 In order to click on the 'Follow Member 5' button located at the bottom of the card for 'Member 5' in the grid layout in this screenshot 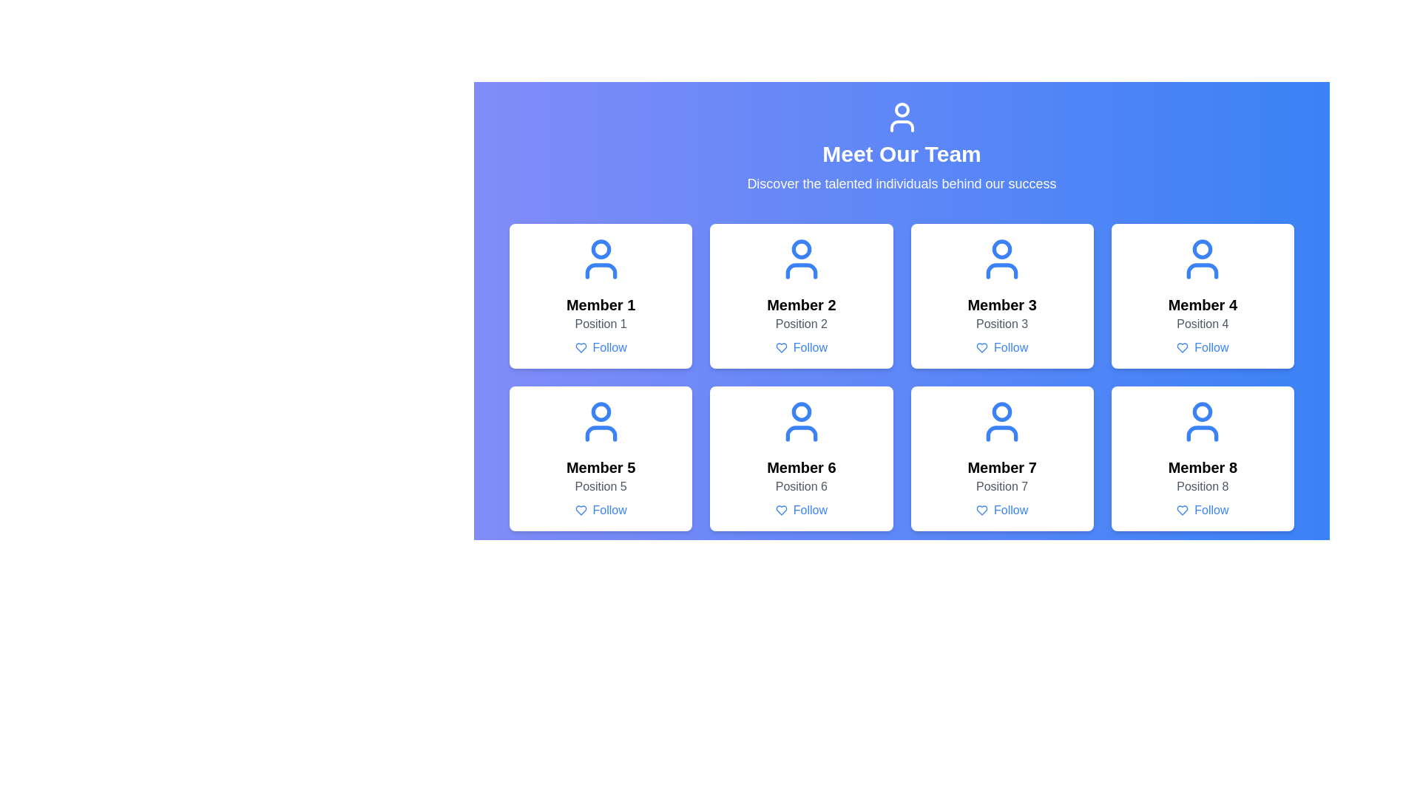, I will do `click(601, 509)`.